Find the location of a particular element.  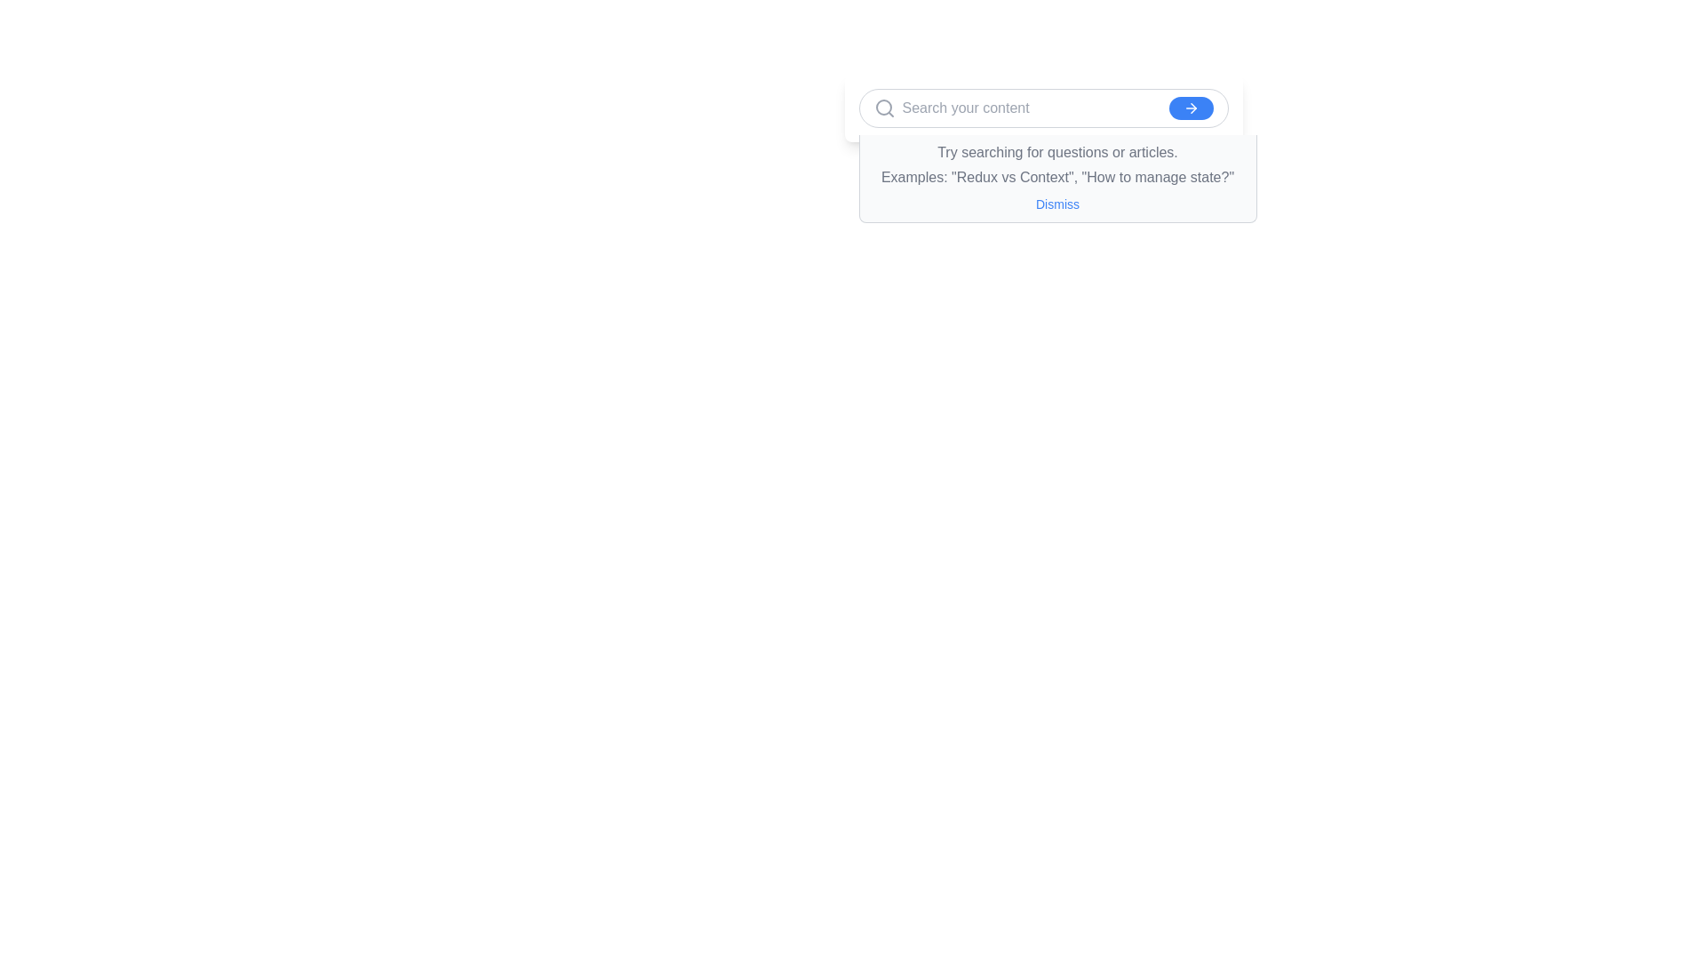

the 'Dismiss' button located at the bottom-right corner of the suggestion box is located at coordinates (1057, 204).